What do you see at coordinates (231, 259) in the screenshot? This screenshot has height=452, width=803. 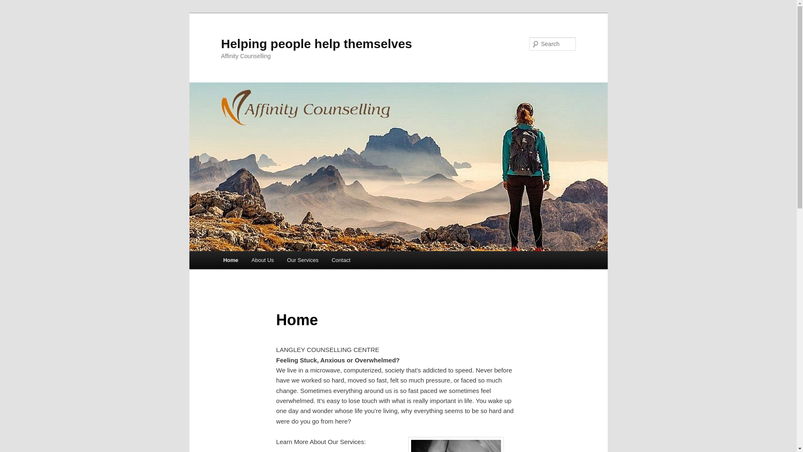 I see `'Home'` at bounding box center [231, 259].